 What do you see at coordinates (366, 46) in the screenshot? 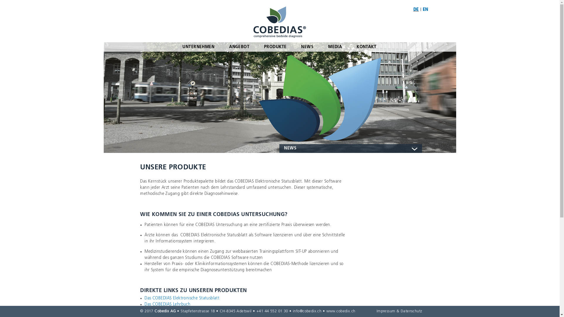
I see `'KONTAKT'` at bounding box center [366, 46].